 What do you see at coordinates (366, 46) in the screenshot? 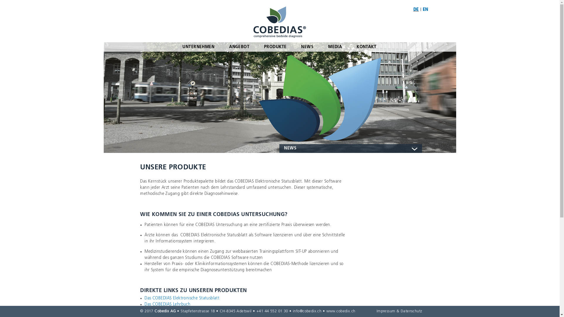
I see `'KONTAKT'` at bounding box center [366, 46].